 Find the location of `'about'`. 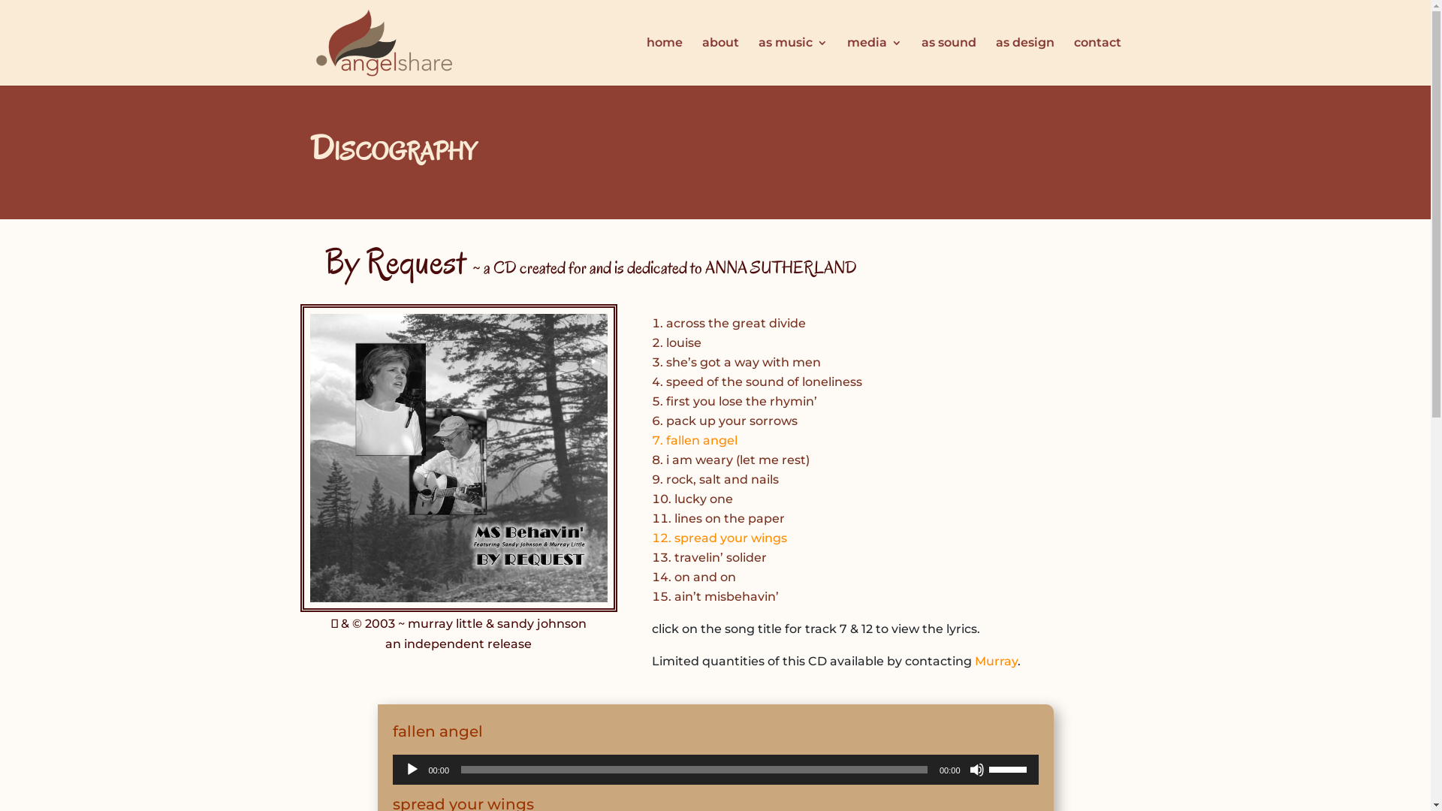

'about' is located at coordinates (719, 60).